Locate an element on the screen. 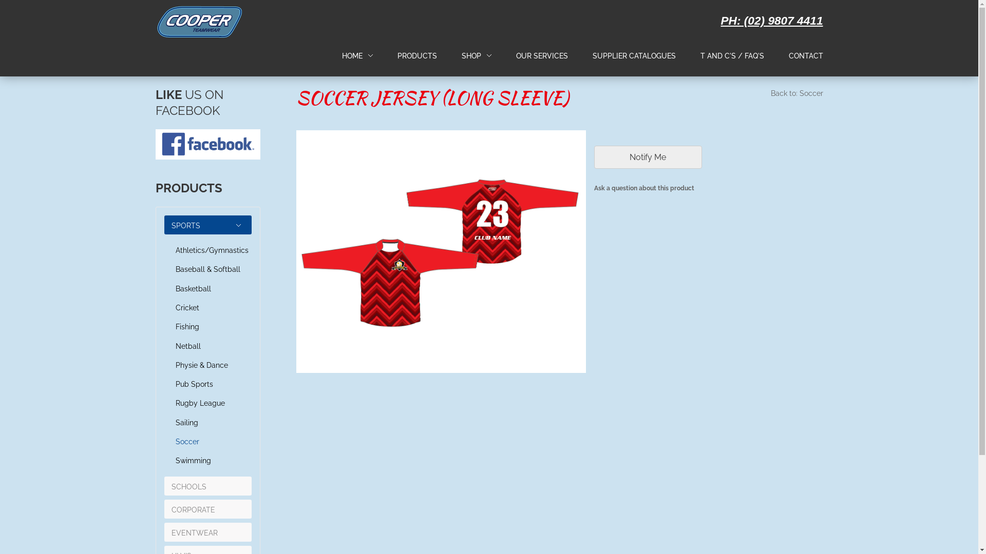 This screenshot has width=986, height=554. 'OUR SERVICES' is located at coordinates (541, 56).